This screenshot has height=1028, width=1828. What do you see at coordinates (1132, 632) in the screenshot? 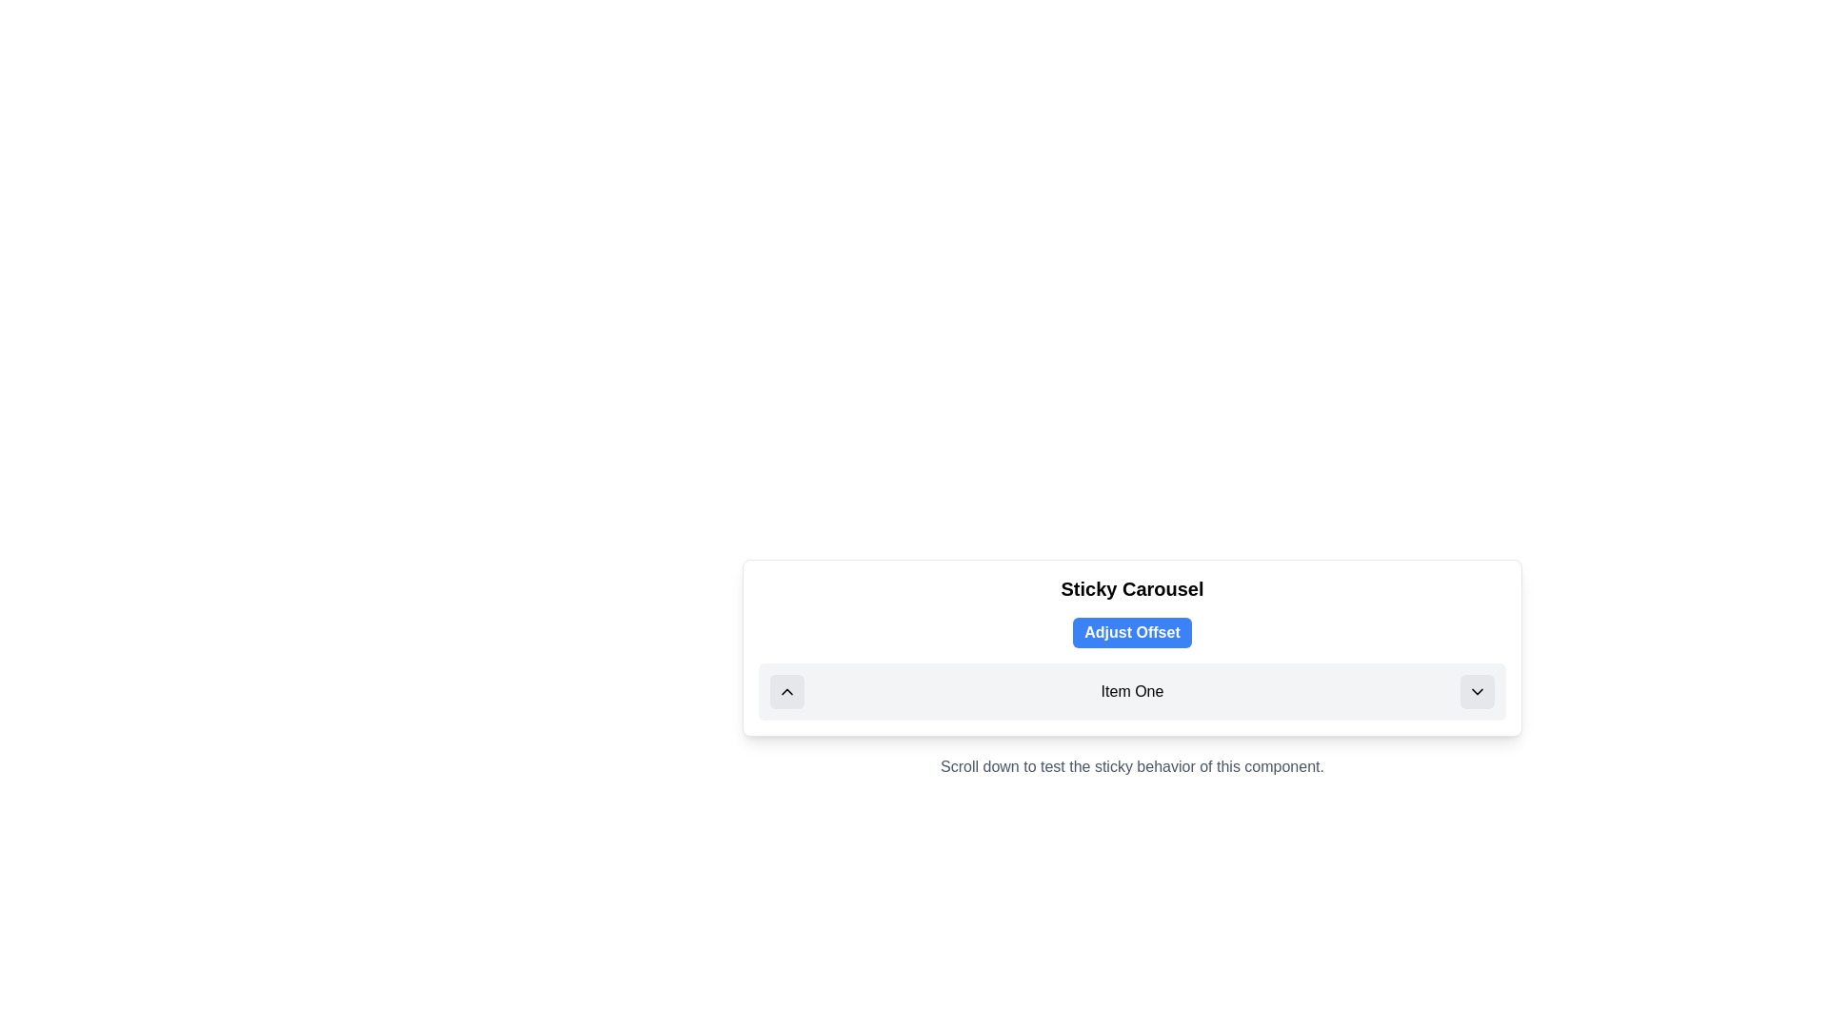
I see `the blue button labeled 'Adjust Offset'` at bounding box center [1132, 632].